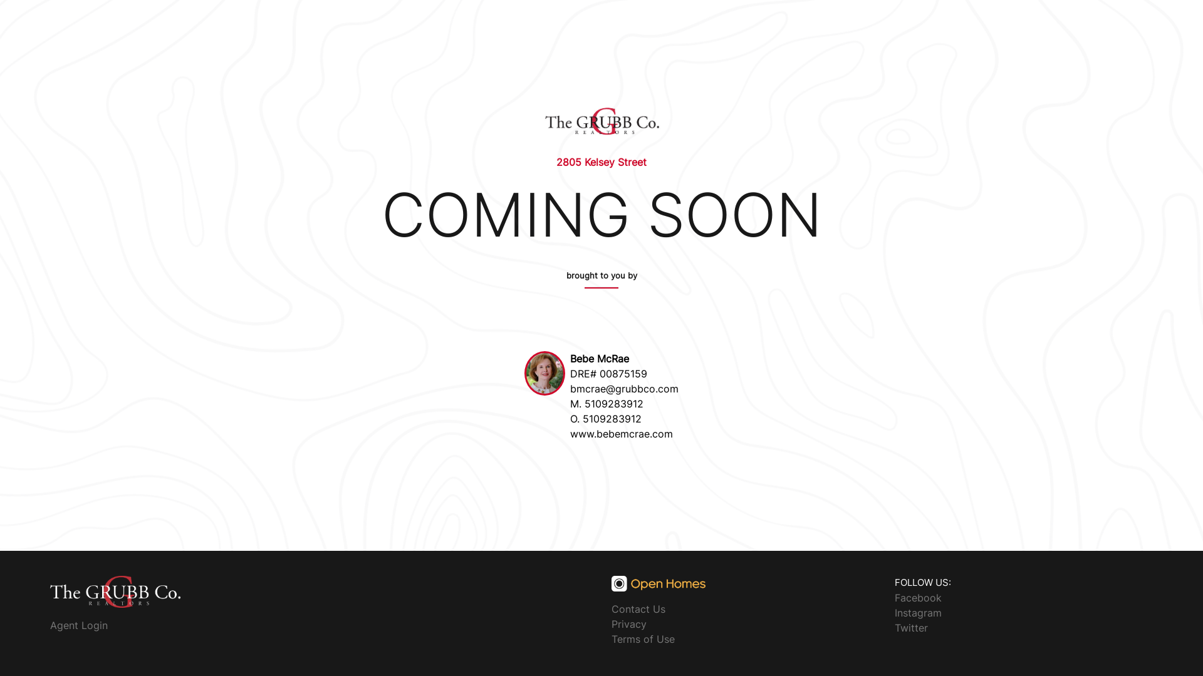  I want to click on 'www.bebemcrae.com', so click(622, 433).